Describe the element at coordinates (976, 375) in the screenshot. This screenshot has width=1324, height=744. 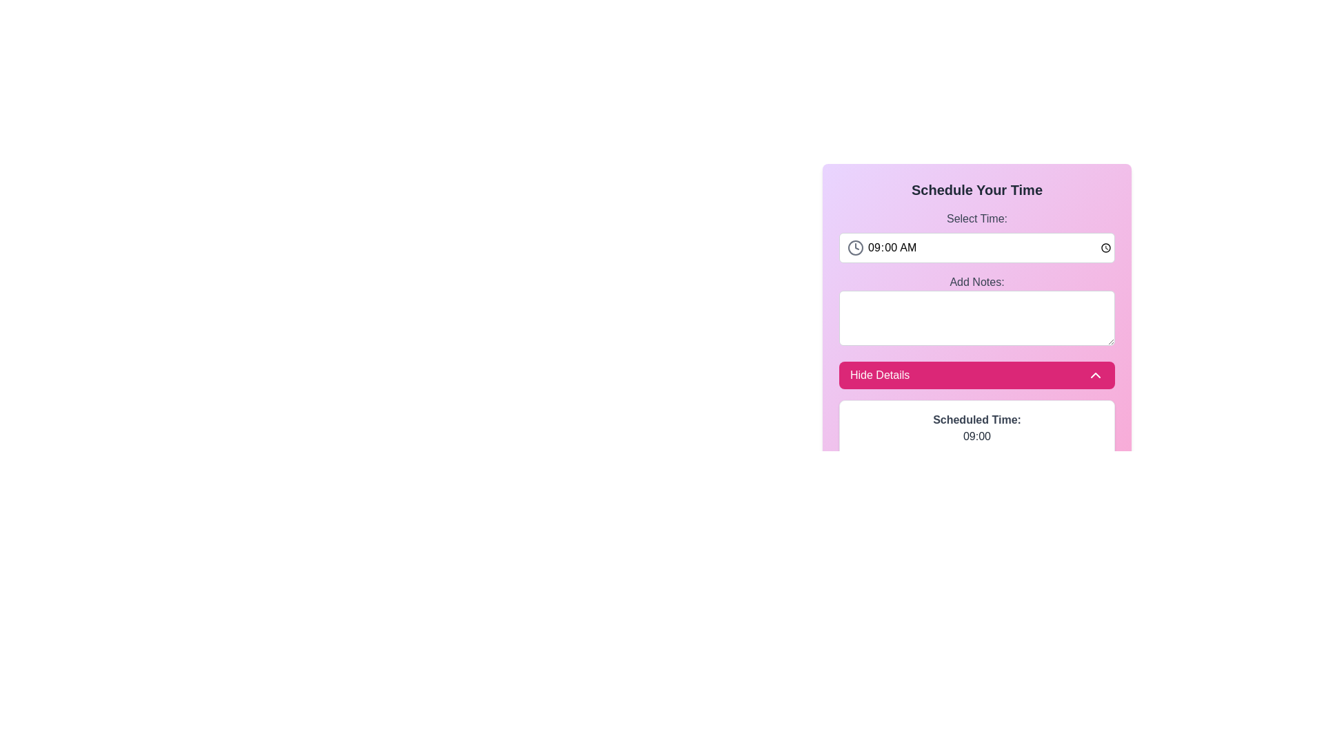
I see `the collapse button located below the 'Add Notes' section and above the 'Scheduled Time' section to interact` at that location.